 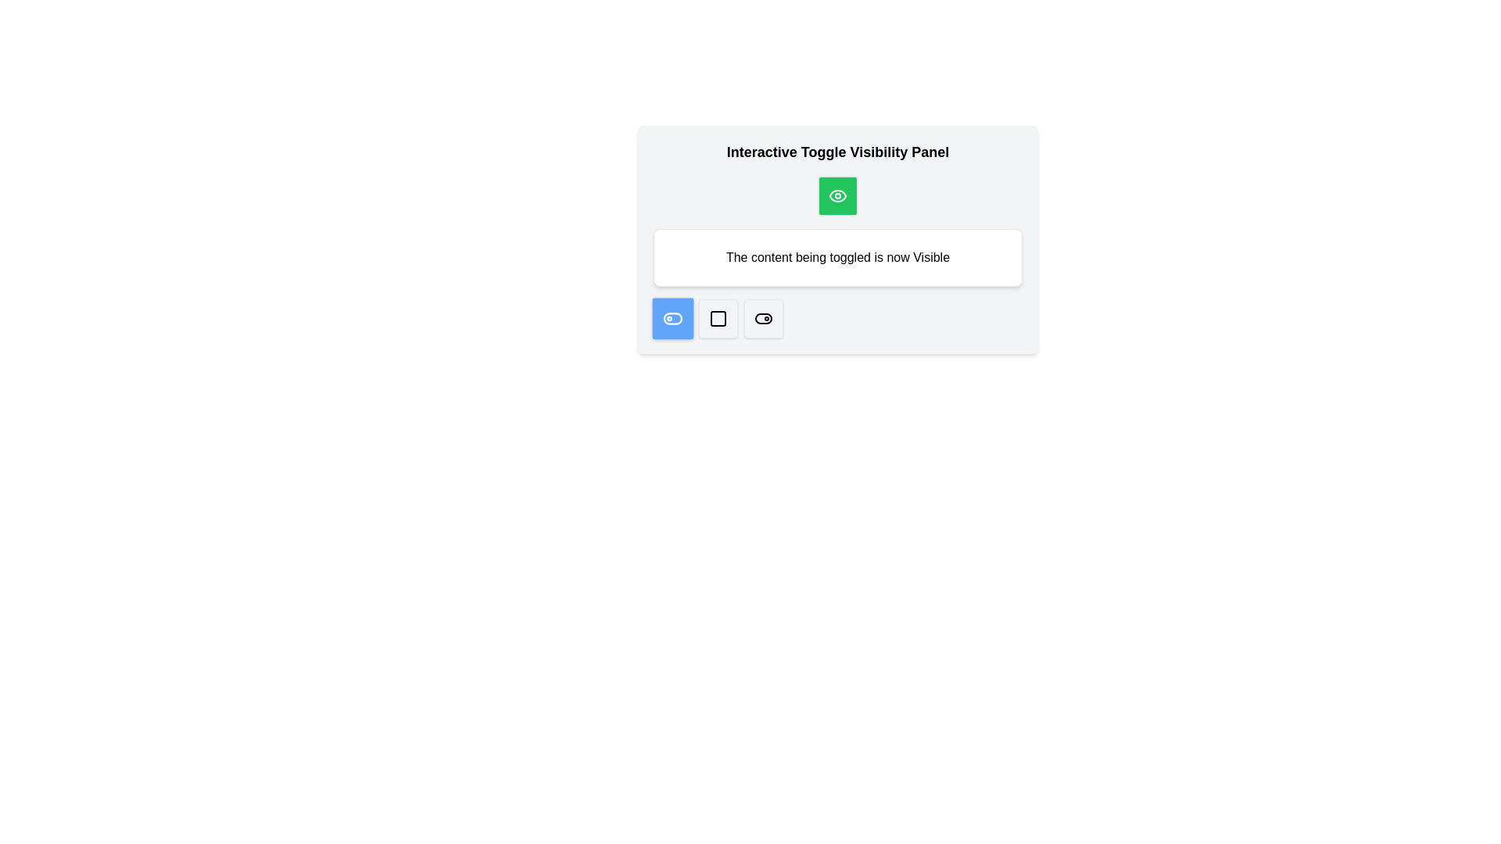 What do you see at coordinates (764, 318) in the screenshot?
I see `the toggle switch background (rounded rectangle) that indicates on/off states, located on the right side of the interface` at bounding box center [764, 318].